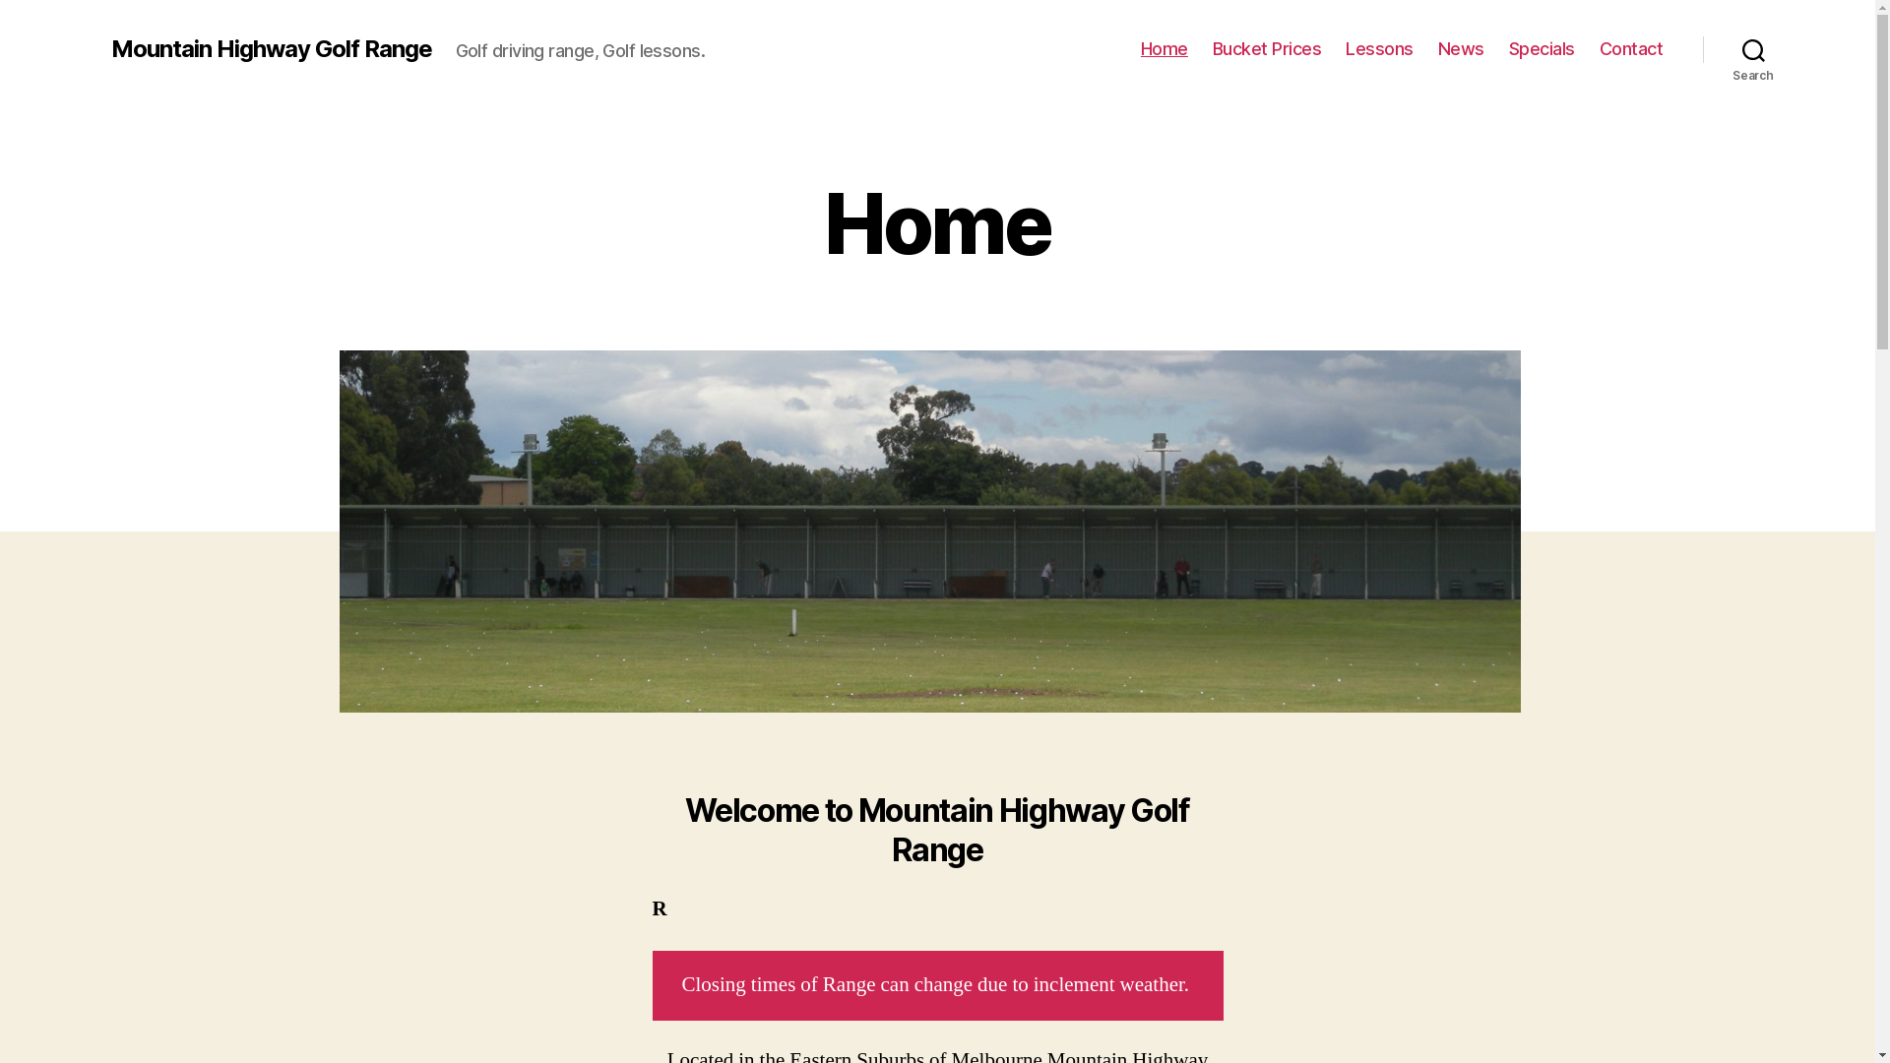 The width and height of the screenshot is (1890, 1063). What do you see at coordinates (1164, 48) in the screenshot?
I see `'Home'` at bounding box center [1164, 48].